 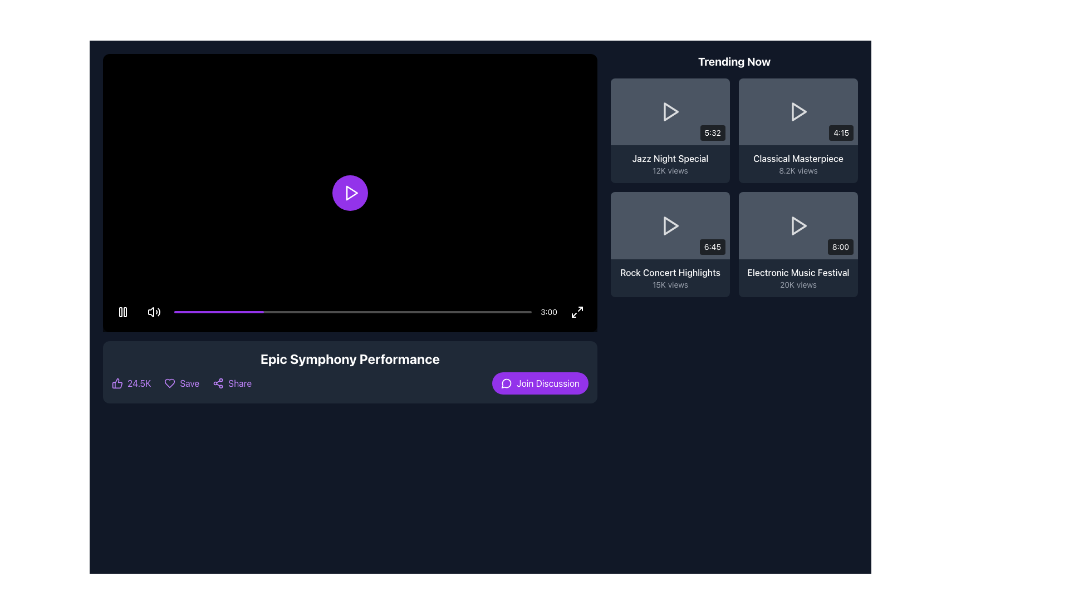 I want to click on the 'Save' button styled with a heart icon, which is purple and located between the 'Like' button and the 'Share' button, so click(x=182, y=382).